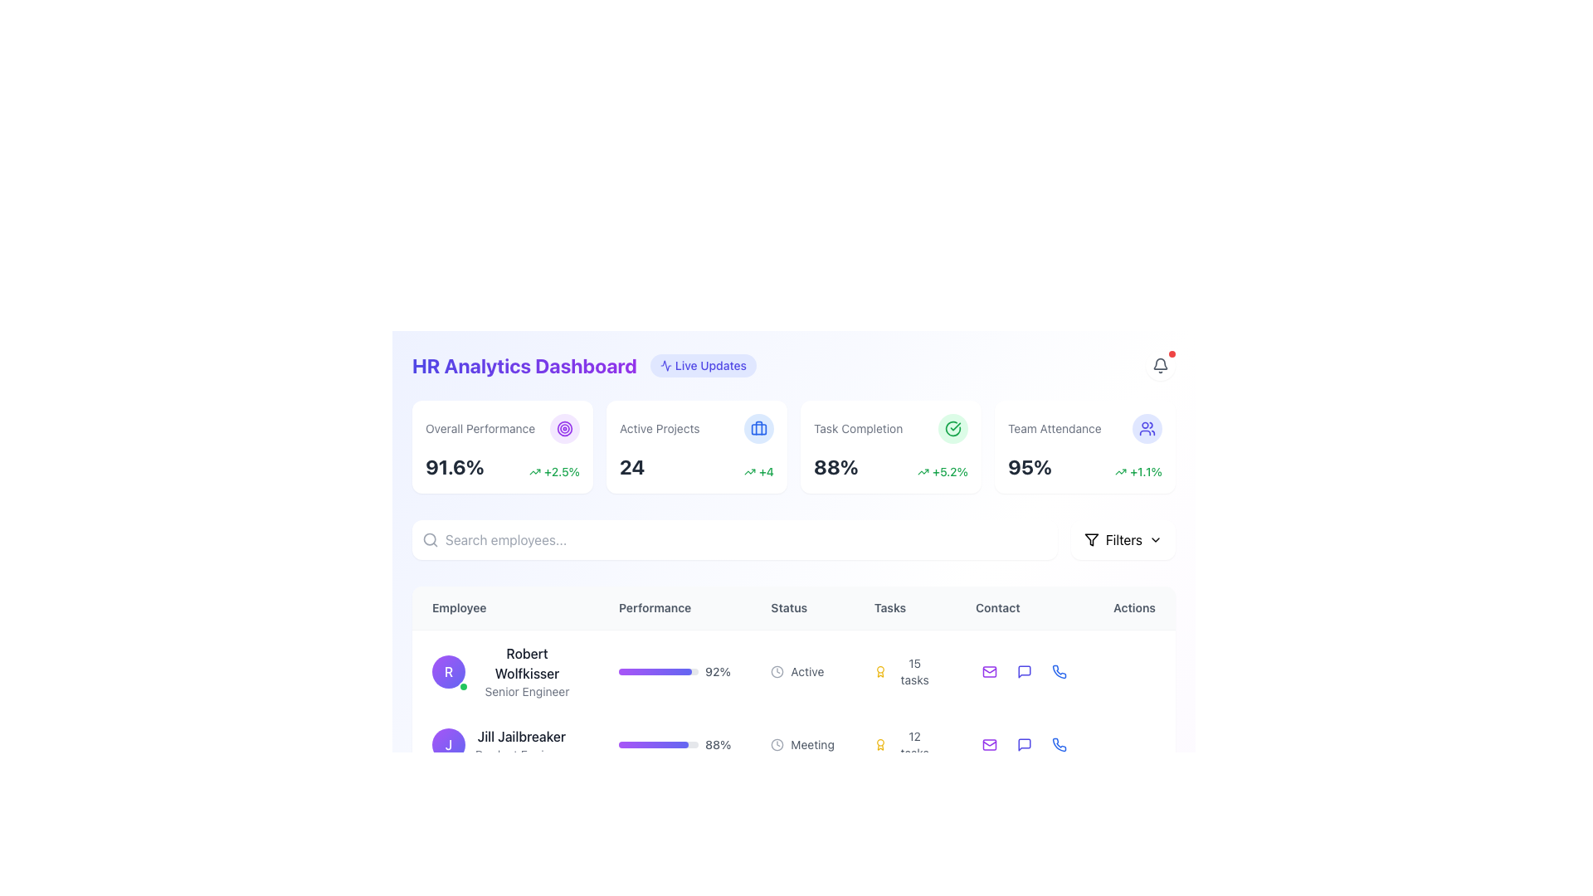 The image size is (1593, 896). Describe the element at coordinates (1159, 364) in the screenshot. I see `the bell icon located in the upper-right corner of the interface, which serves as a notification indicator and is styled as a clickable button` at that location.